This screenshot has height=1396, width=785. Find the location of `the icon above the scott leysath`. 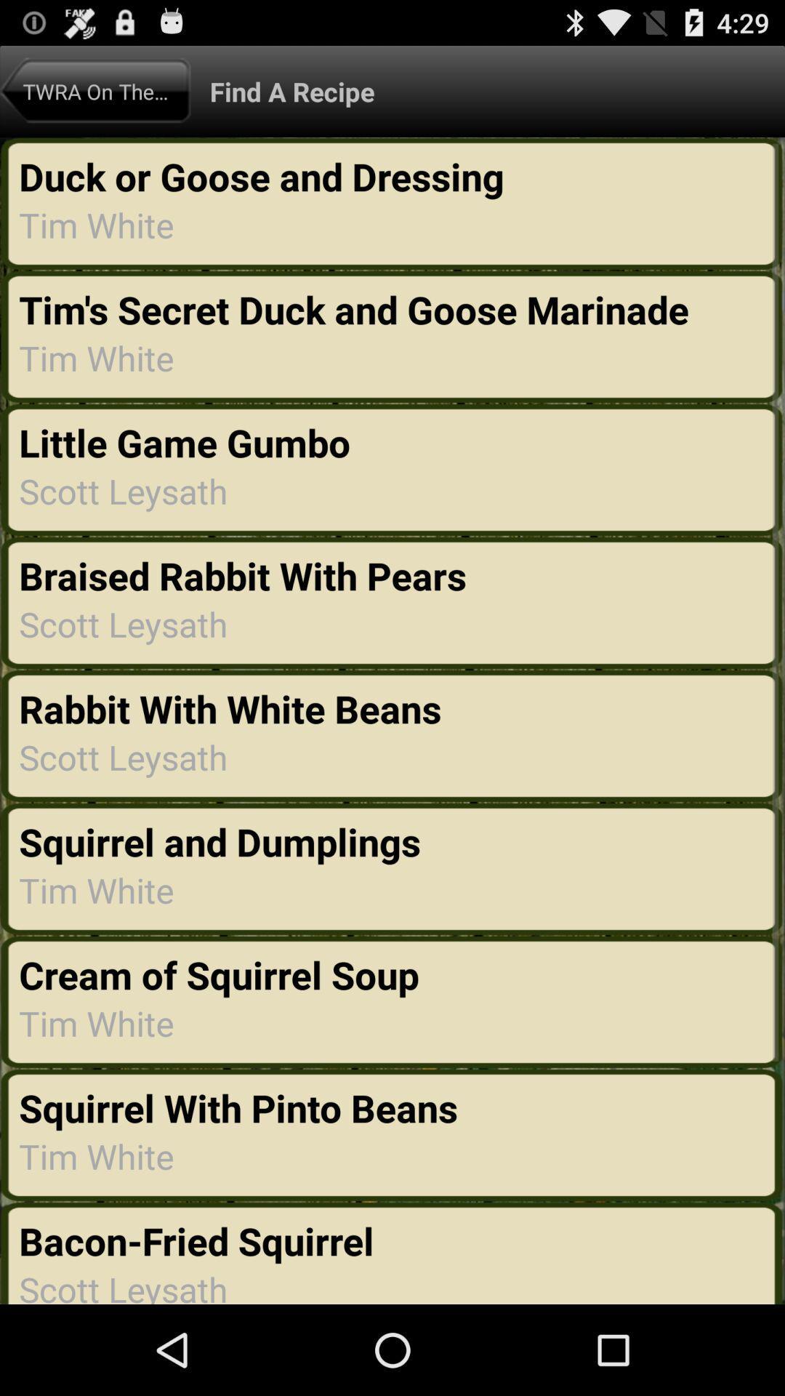

the icon above the scott leysath is located at coordinates (201, 1240).